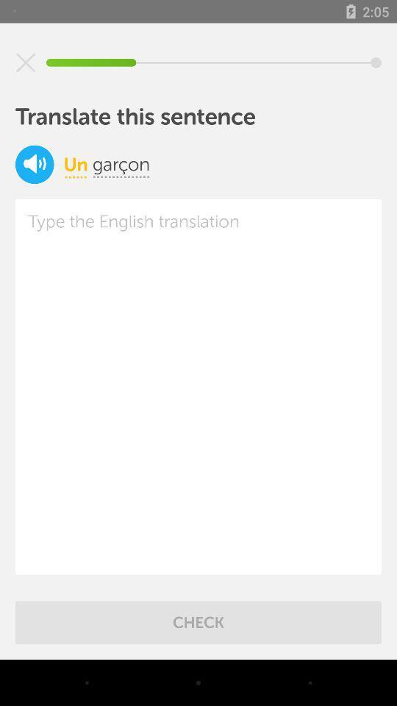 Image resolution: width=397 pixels, height=706 pixels. What do you see at coordinates (35, 164) in the screenshot?
I see `volume` at bounding box center [35, 164].